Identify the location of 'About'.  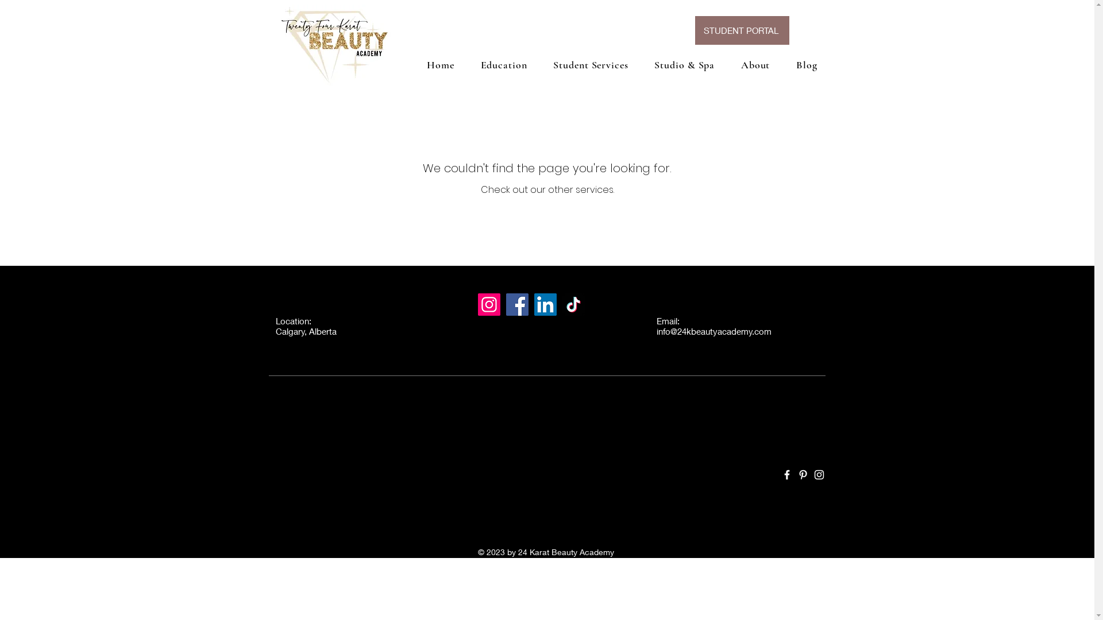
(755, 64).